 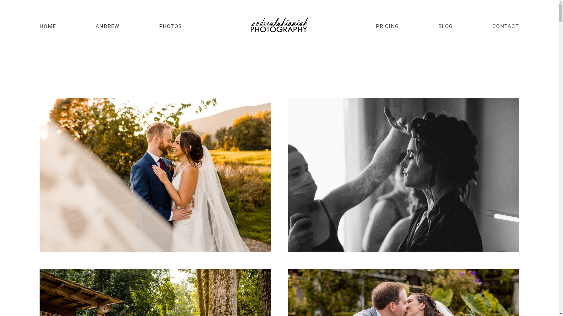 What do you see at coordinates (445, 26) in the screenshot?
I see `'BLOG'` at bounding box center [445, 26].